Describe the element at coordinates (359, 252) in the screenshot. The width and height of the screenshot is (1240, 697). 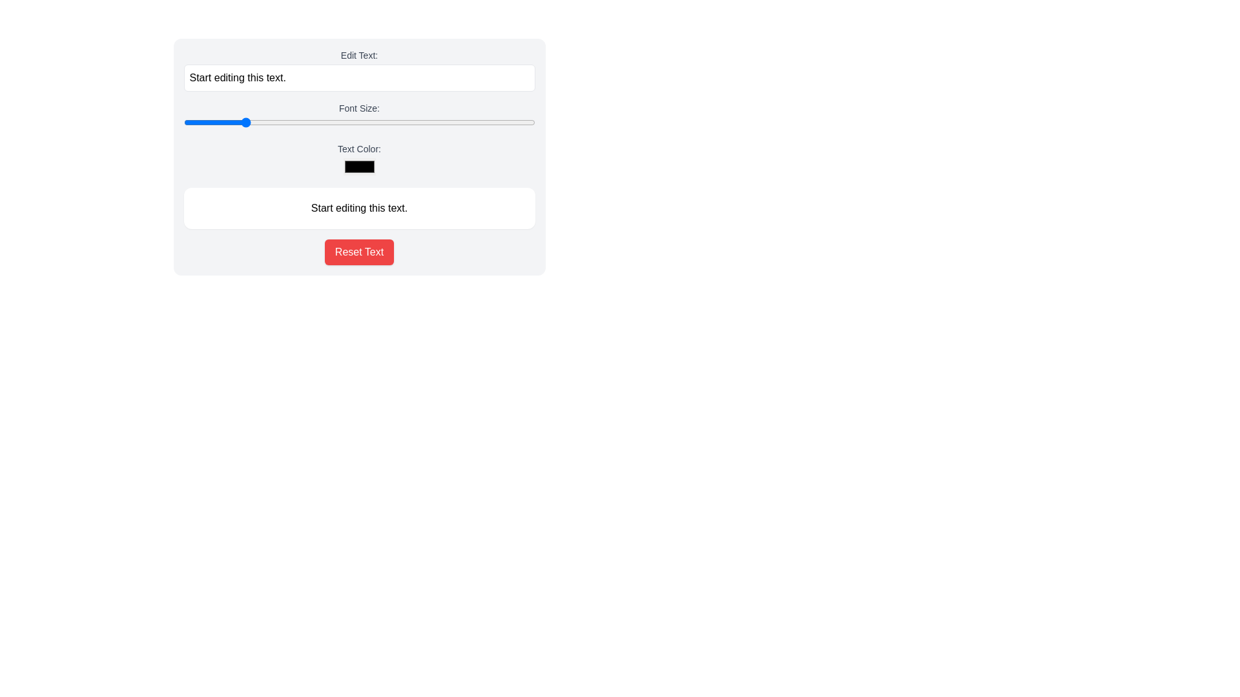
I see `the reset button located at the bottom-center of the text editing controls to reset the contents of the editable text area back to its default state` at that location.